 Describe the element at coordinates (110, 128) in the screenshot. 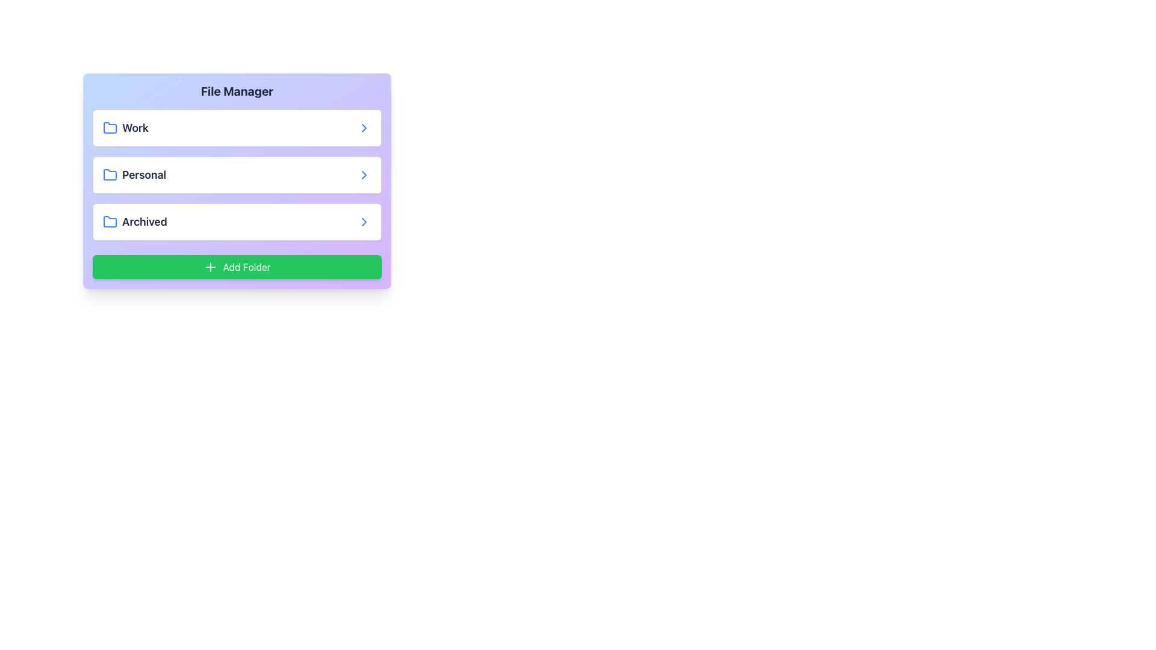

I see `the folder icon representing the 'Work' folder in the File Manager interface` at that location.